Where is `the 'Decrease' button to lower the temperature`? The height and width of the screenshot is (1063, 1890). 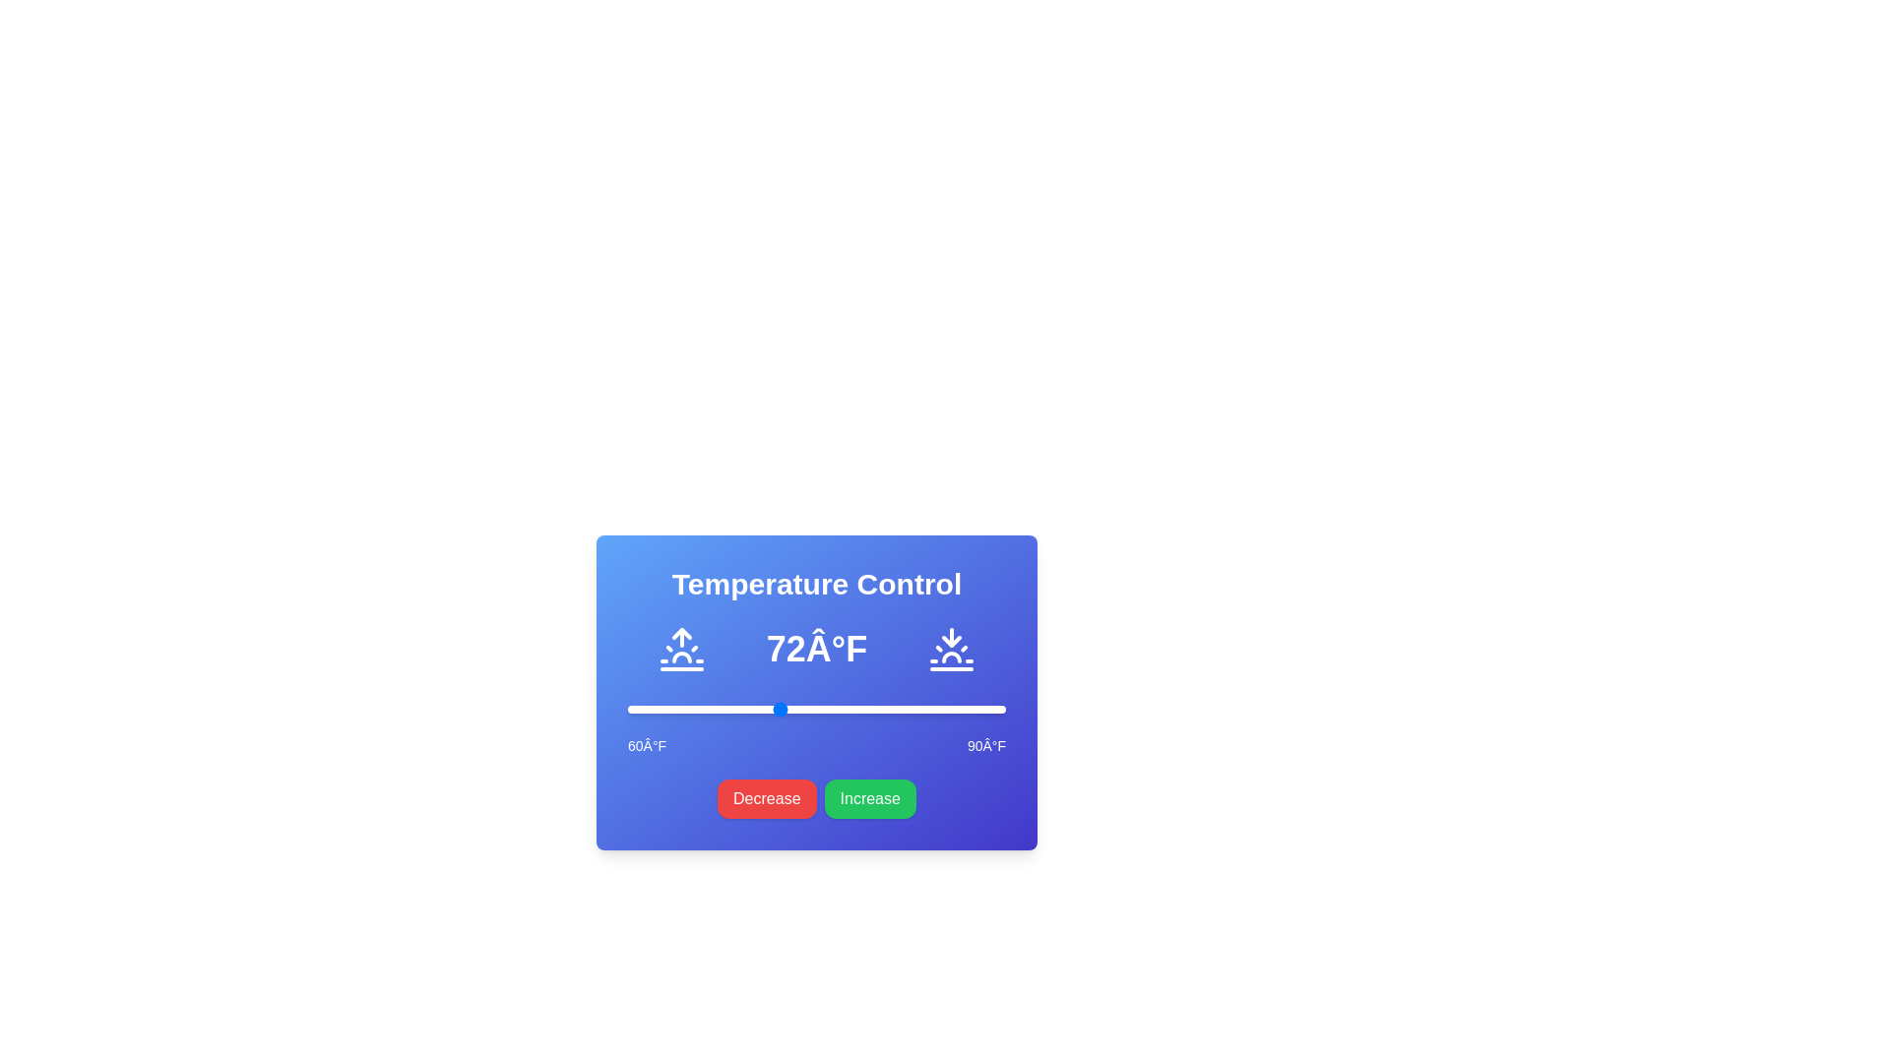
the 'Decrease' button to lower the temperature is located at coordinates (766, 799).